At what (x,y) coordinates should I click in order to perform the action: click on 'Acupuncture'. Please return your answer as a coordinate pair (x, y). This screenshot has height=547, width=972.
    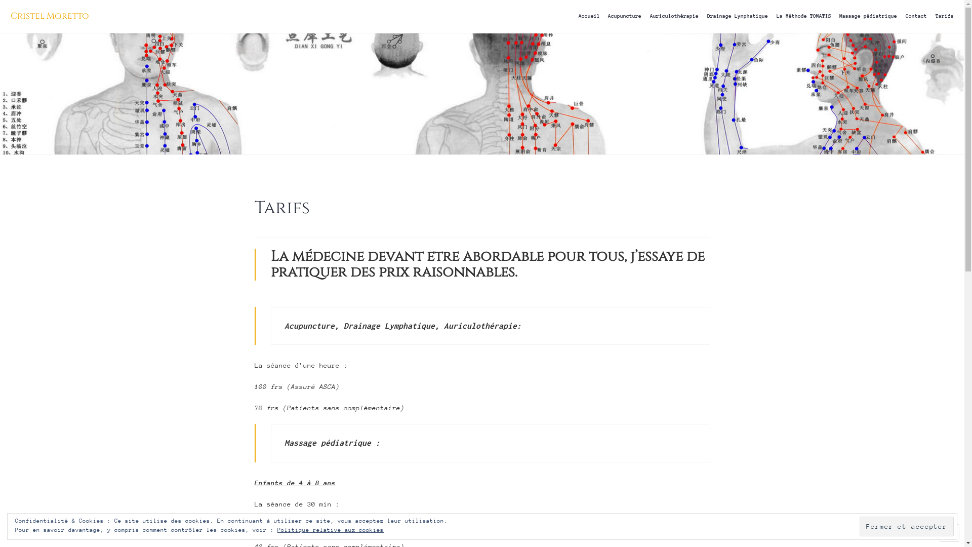
    Looking at the image, I should click on (624, 16).